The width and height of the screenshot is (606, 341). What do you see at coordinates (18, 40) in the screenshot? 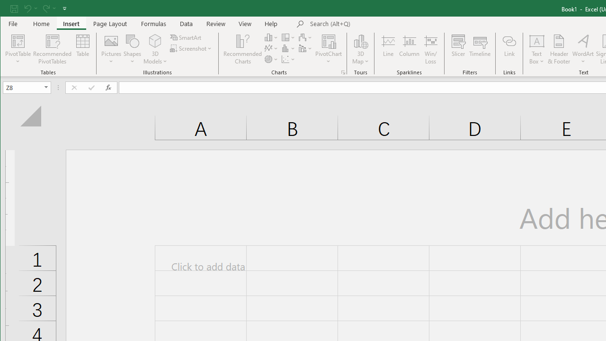
I see `'PivotTable'` at bounding box center [18, 40].